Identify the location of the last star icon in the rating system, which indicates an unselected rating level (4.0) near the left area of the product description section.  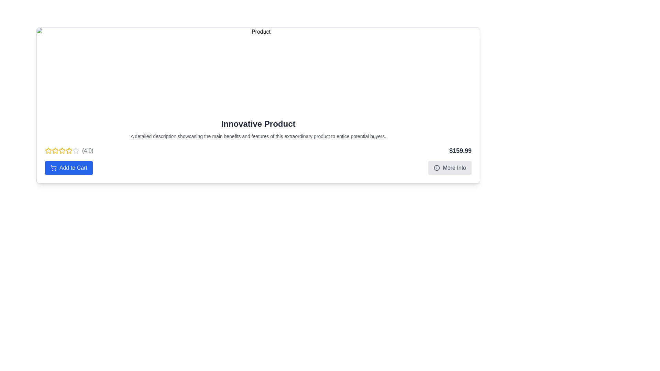
(76, 150).